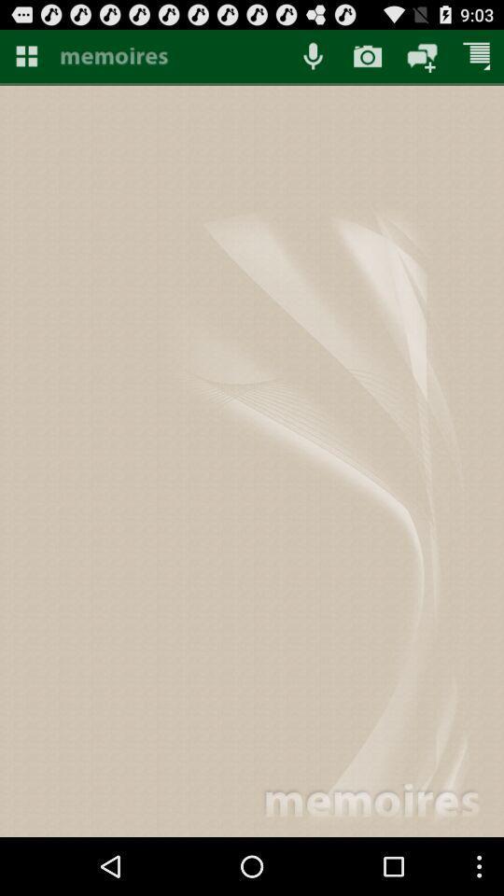 This screenshot has width=504, height=896. What do you see at coordinates (25, 55) in the screenshot?
I see `menu` at bounding box center [25, 55].